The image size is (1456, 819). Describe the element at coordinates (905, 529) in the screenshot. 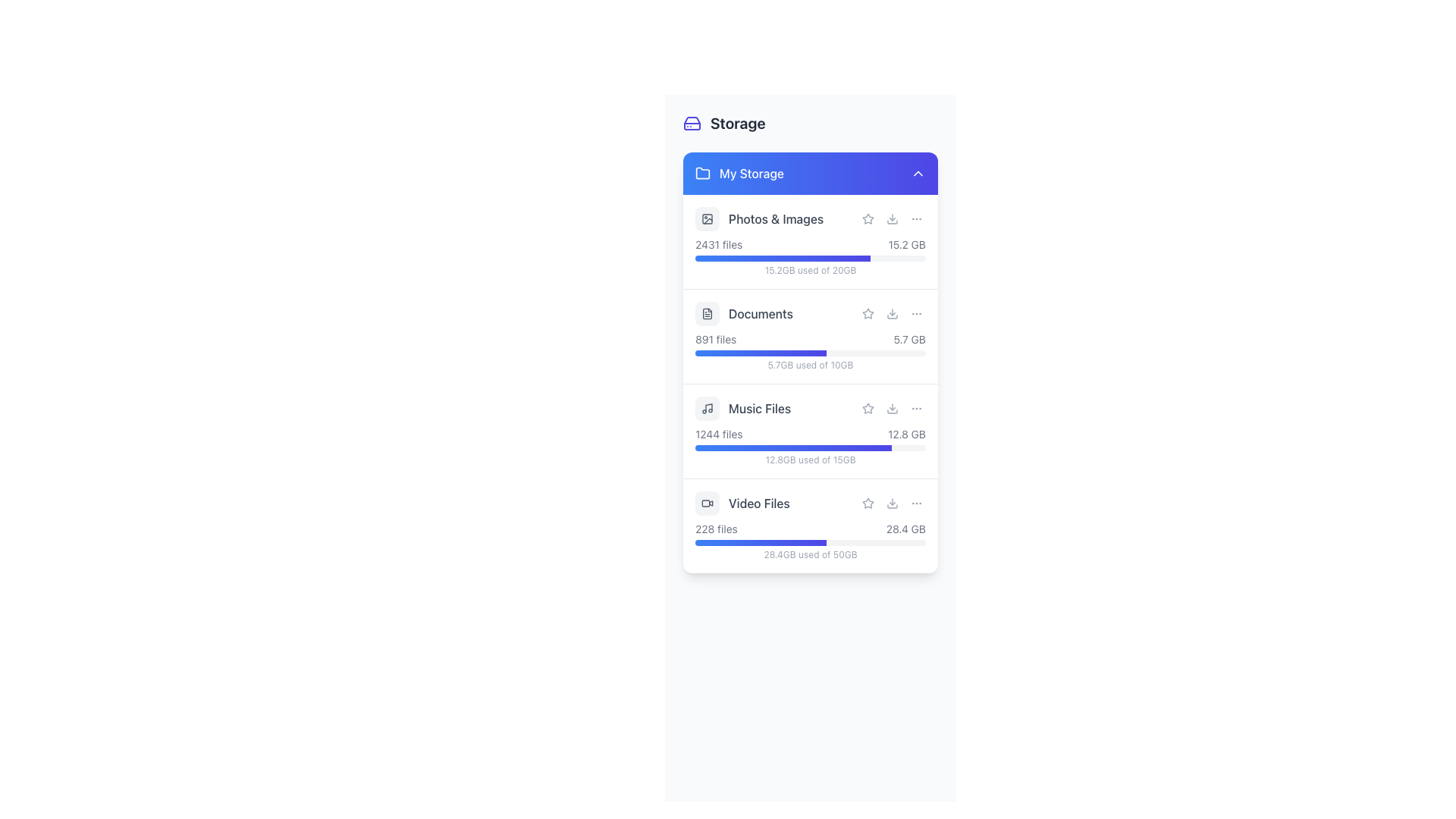

I see `the Text Label displaying '28.4 GB' in the 'Video Files' section of the storage summary interface, located on the rightmost side of its row` at that location.